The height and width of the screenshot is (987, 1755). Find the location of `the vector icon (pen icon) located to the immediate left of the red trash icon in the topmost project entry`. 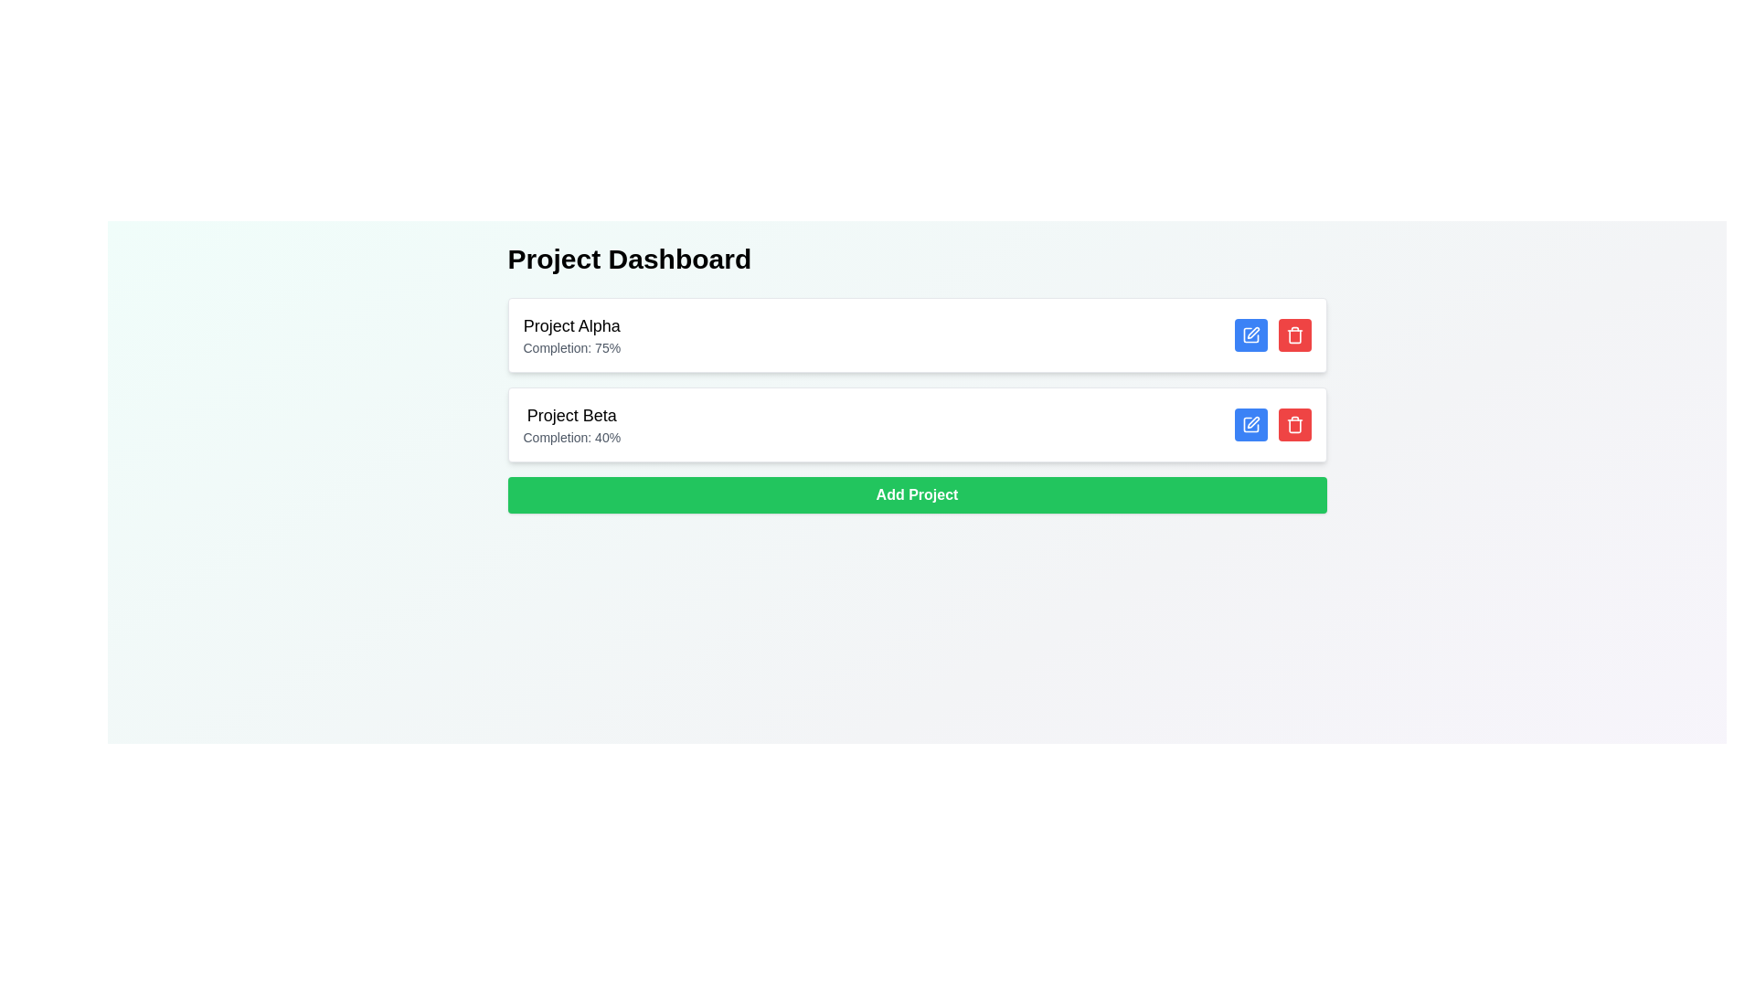

the vector icon (pen icon) located to the immediate left of the red trash icon in the topmost project entry is located at coordinates (1250, 332).